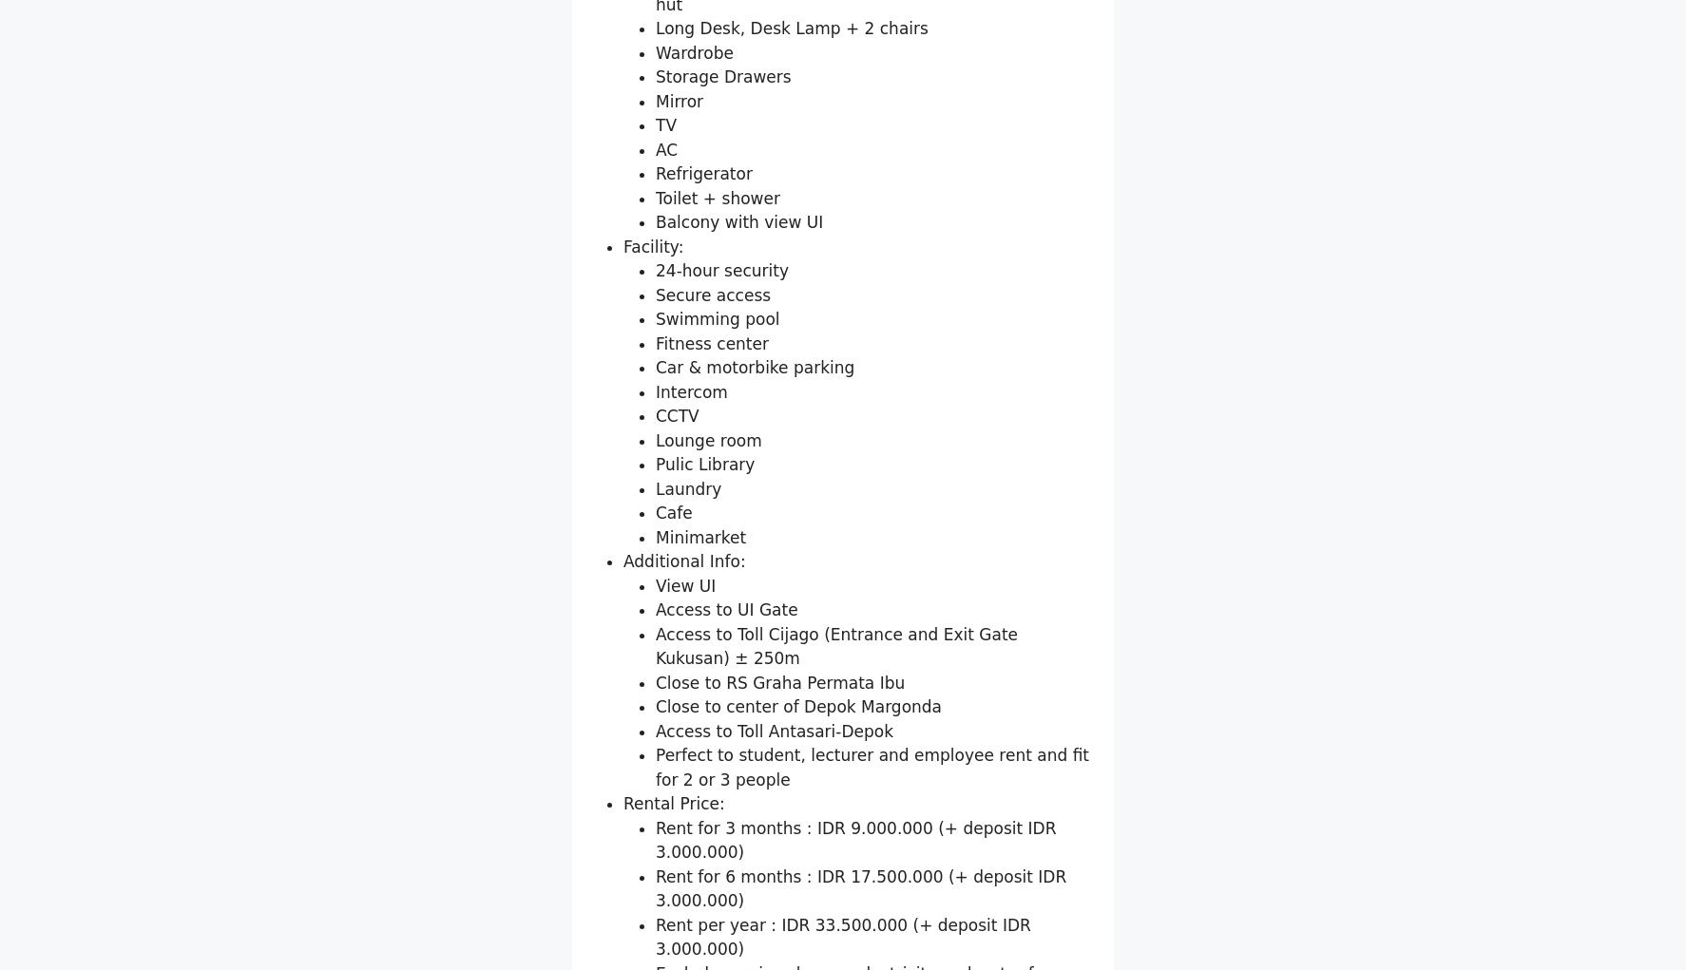 The image size is (1686, 970). Describe the element at coordinates (683, 782) in the screenshot. I see `'Additional Info:'` at that location.